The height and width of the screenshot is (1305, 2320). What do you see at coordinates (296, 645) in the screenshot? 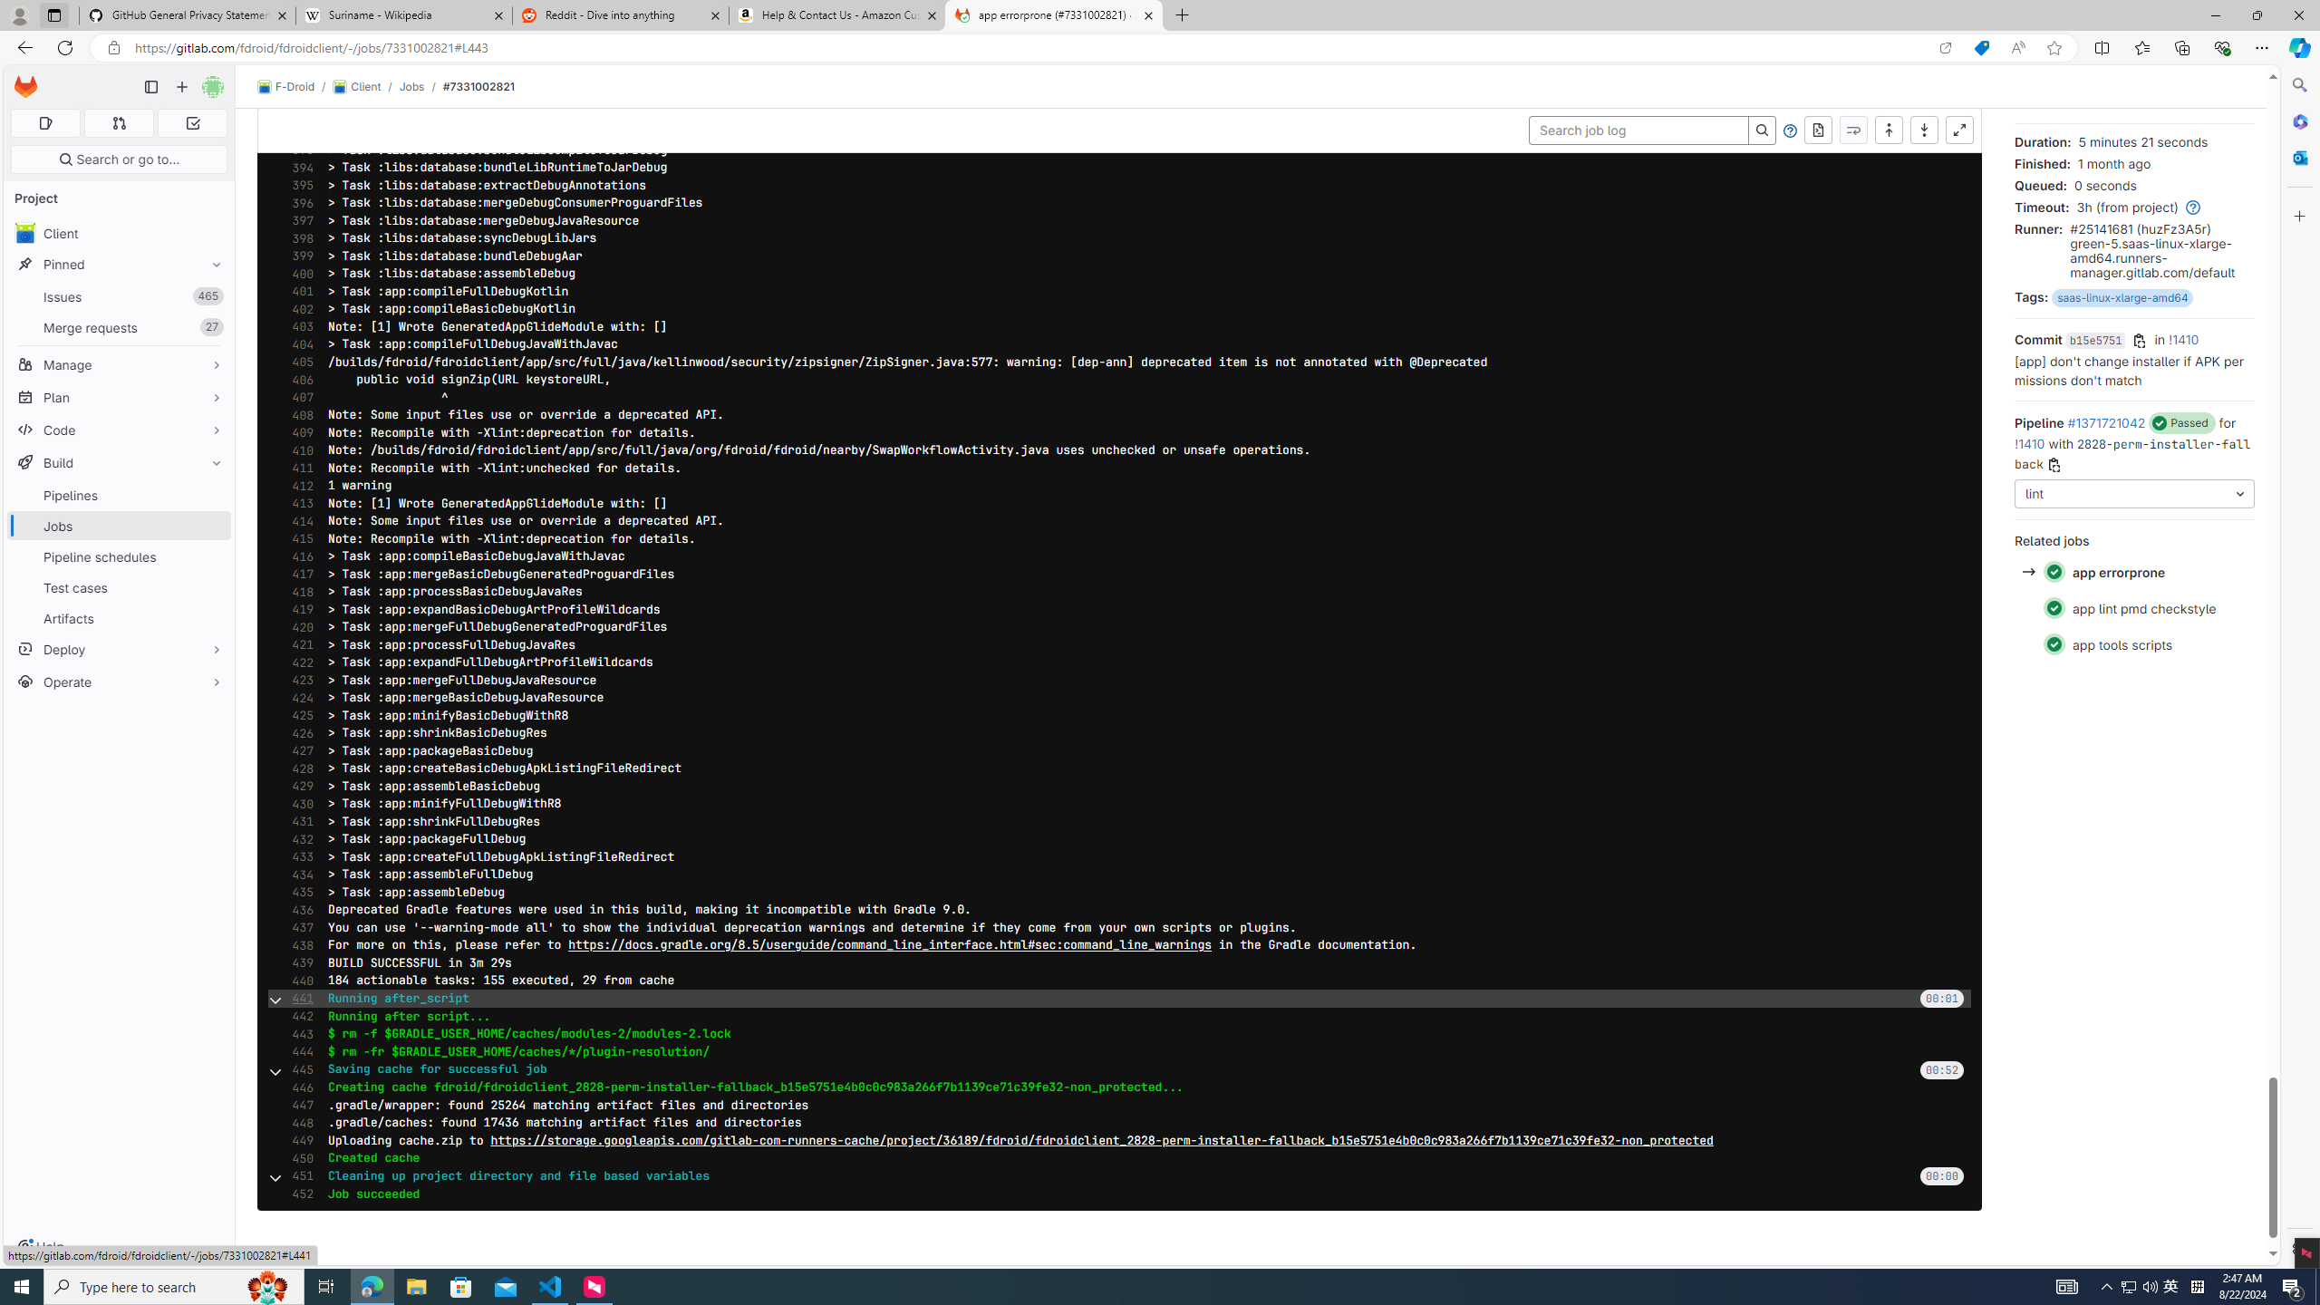
I see `'421'` at bounding box center [296, 645].